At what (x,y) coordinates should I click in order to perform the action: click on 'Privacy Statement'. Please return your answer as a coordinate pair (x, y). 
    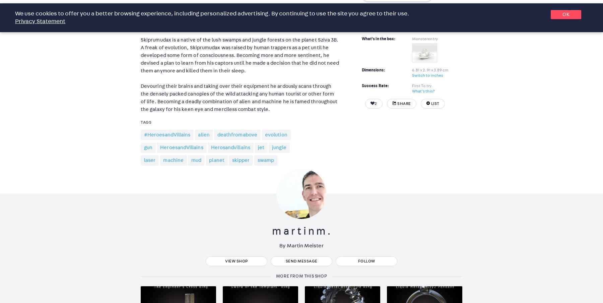
    Looking at the image, I should click on (40, 21).